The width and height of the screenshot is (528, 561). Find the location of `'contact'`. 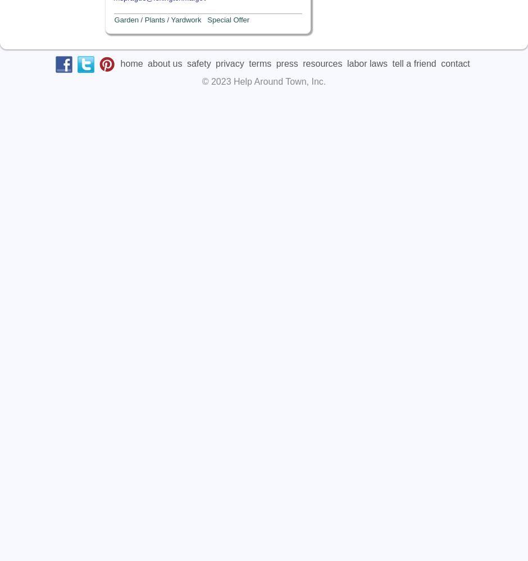

'contact' is located at coordinates (455, 62).